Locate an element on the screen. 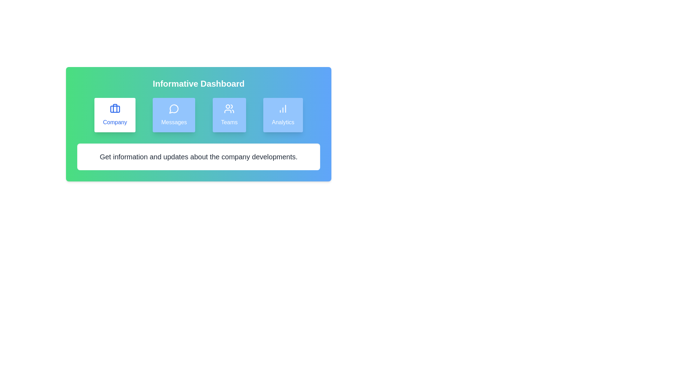 This screenshot has width=674, height=379. the 'Messages' button, which is a rectangular button with rounded corners, a blue background, and a white speech bubble icon is located at coordinates (174, 114).